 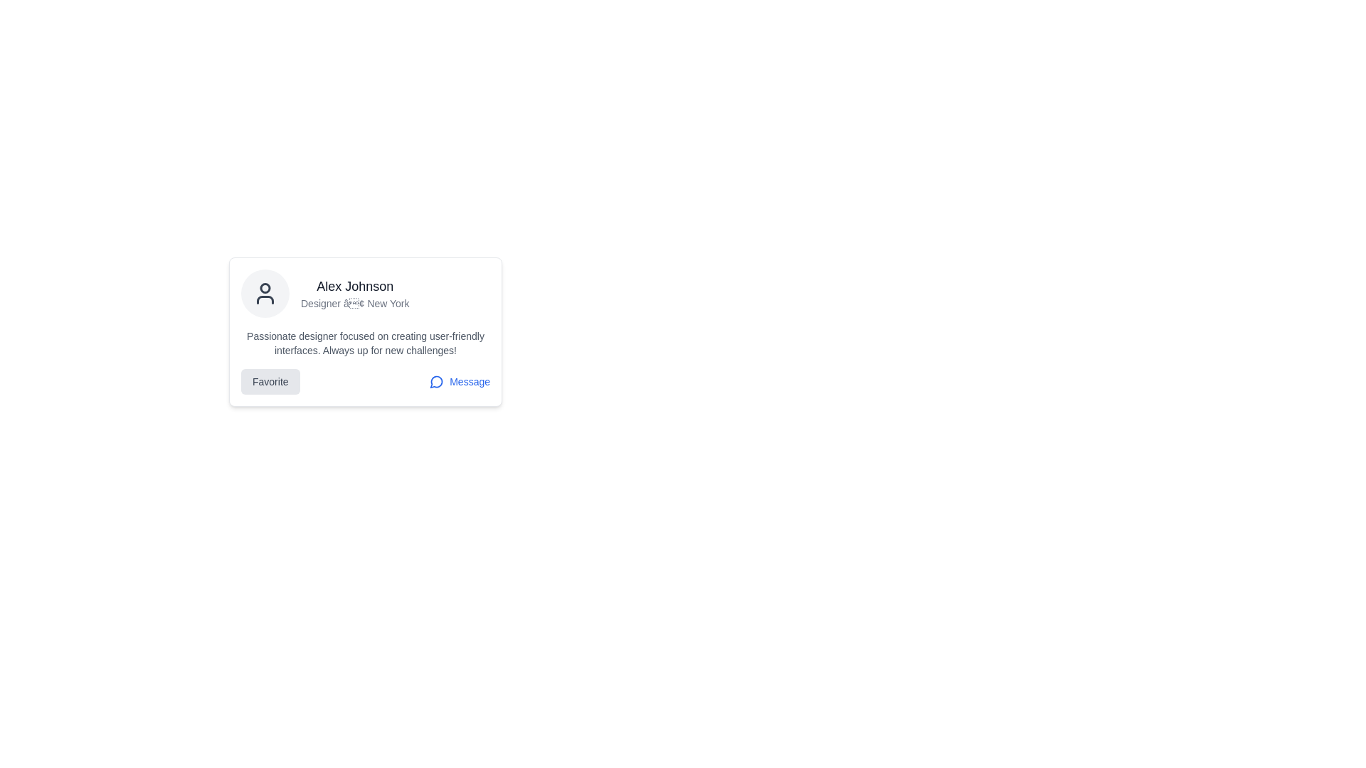 I want to click on the 'Message' link in the horizontal layout that combines a 'Favorite' button and a 'Message' link, located at the bottom section of the card interface, so click(x=365, y=380).